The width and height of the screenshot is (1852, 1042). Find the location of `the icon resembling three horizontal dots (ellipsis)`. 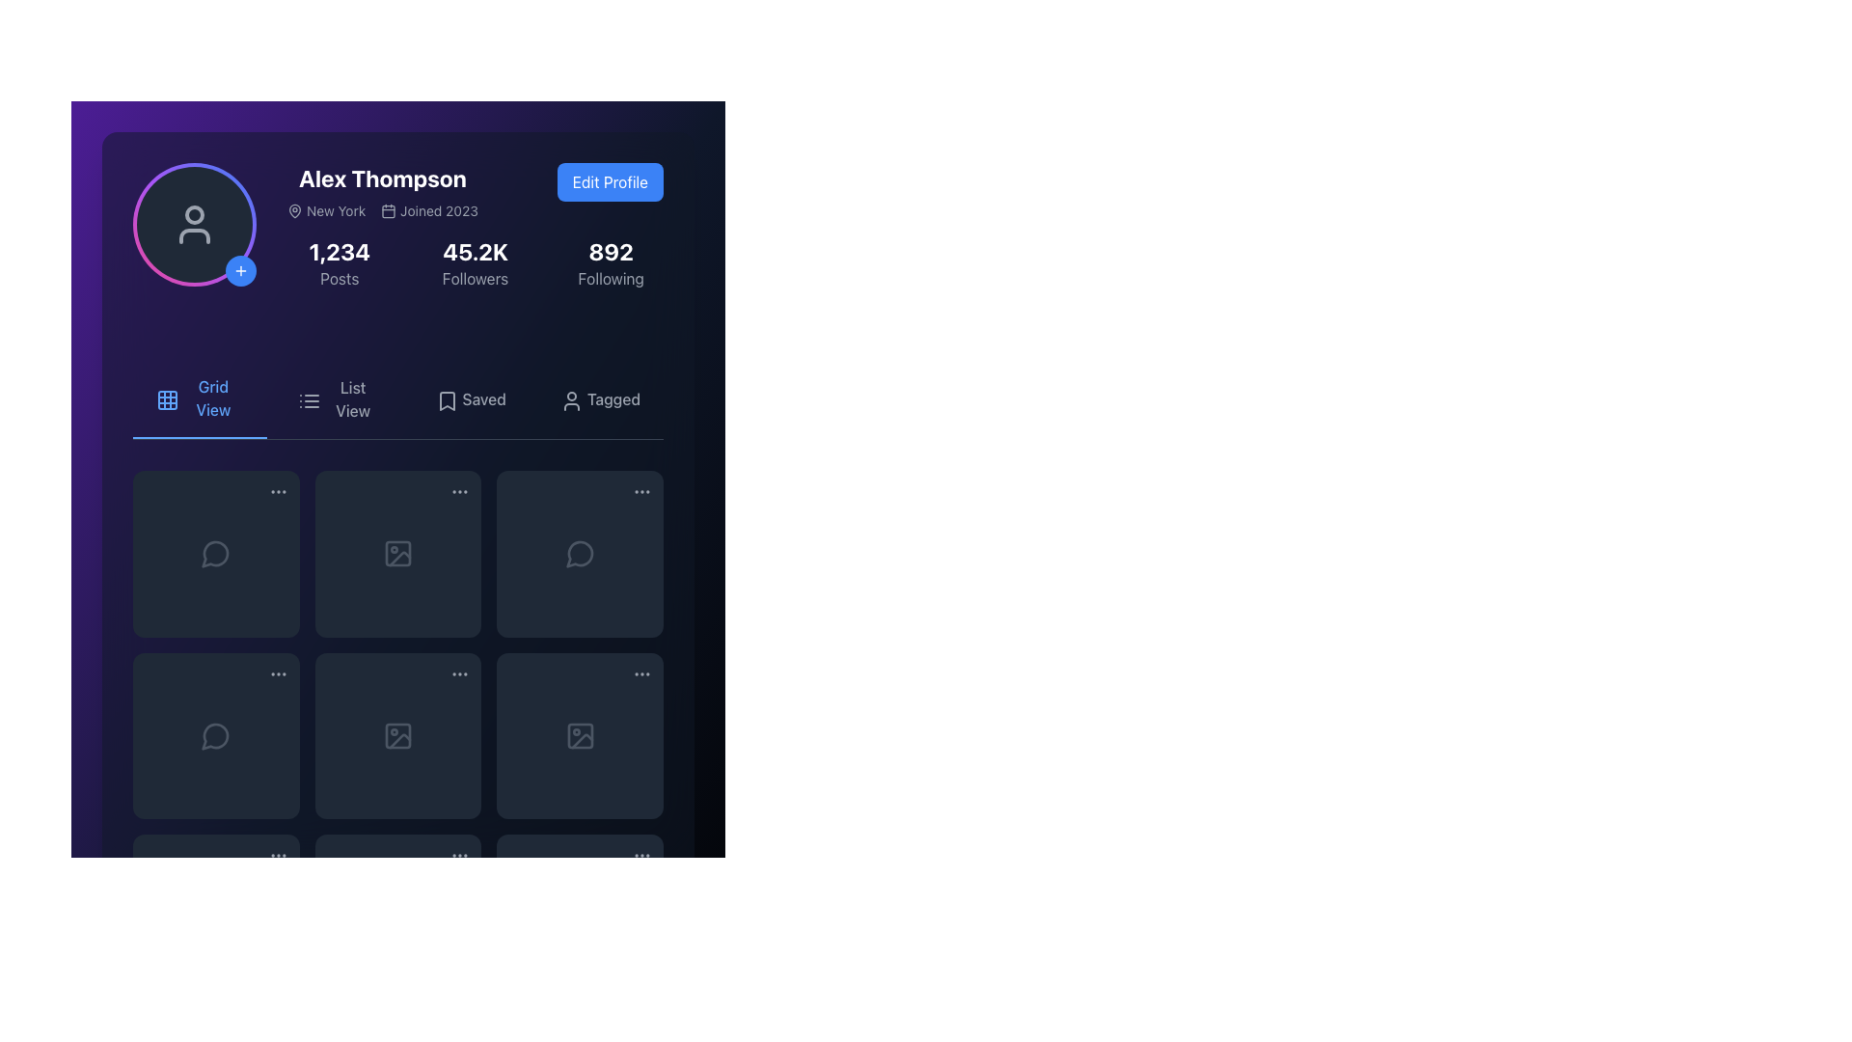

the icon resembling three horizontal dots (ellipsis) is located at coordinates (458, 490).